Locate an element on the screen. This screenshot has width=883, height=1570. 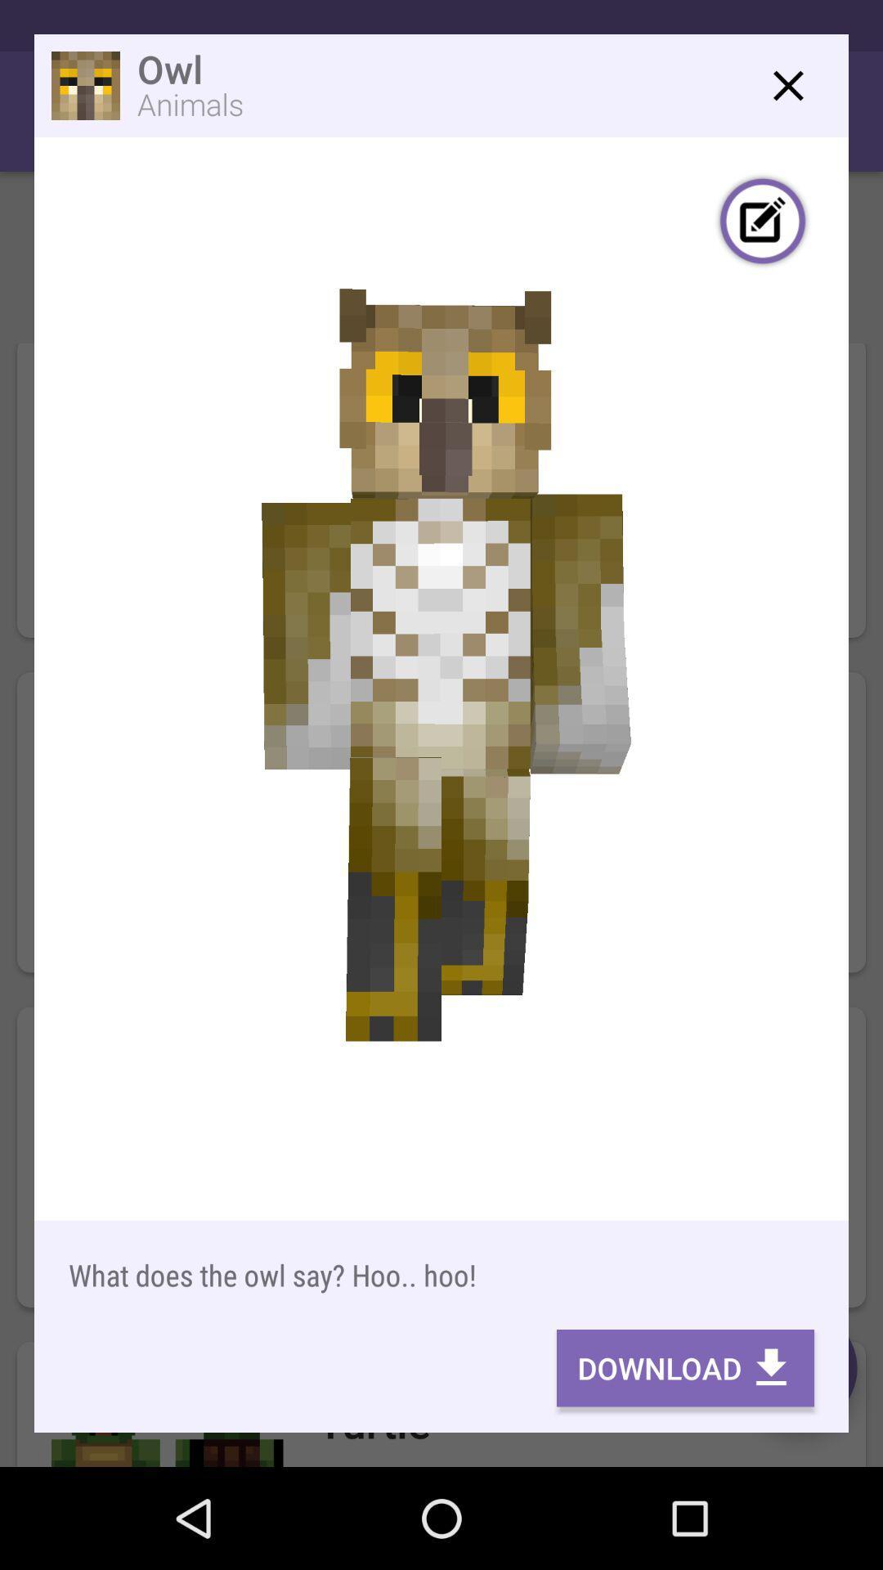
take notes is located at coordinates (763, 222).